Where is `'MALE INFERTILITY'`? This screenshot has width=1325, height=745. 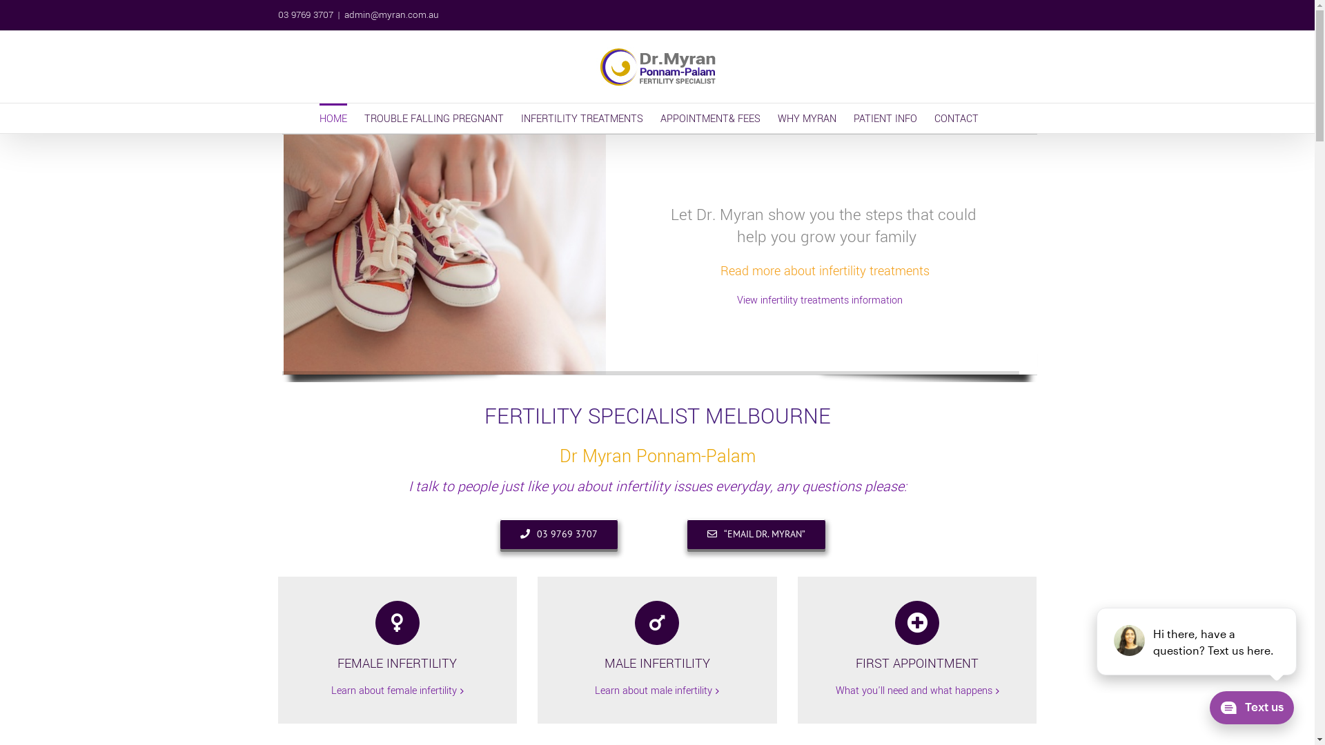
'MALE INFERTILITY' is located at coordinates (656, 636).